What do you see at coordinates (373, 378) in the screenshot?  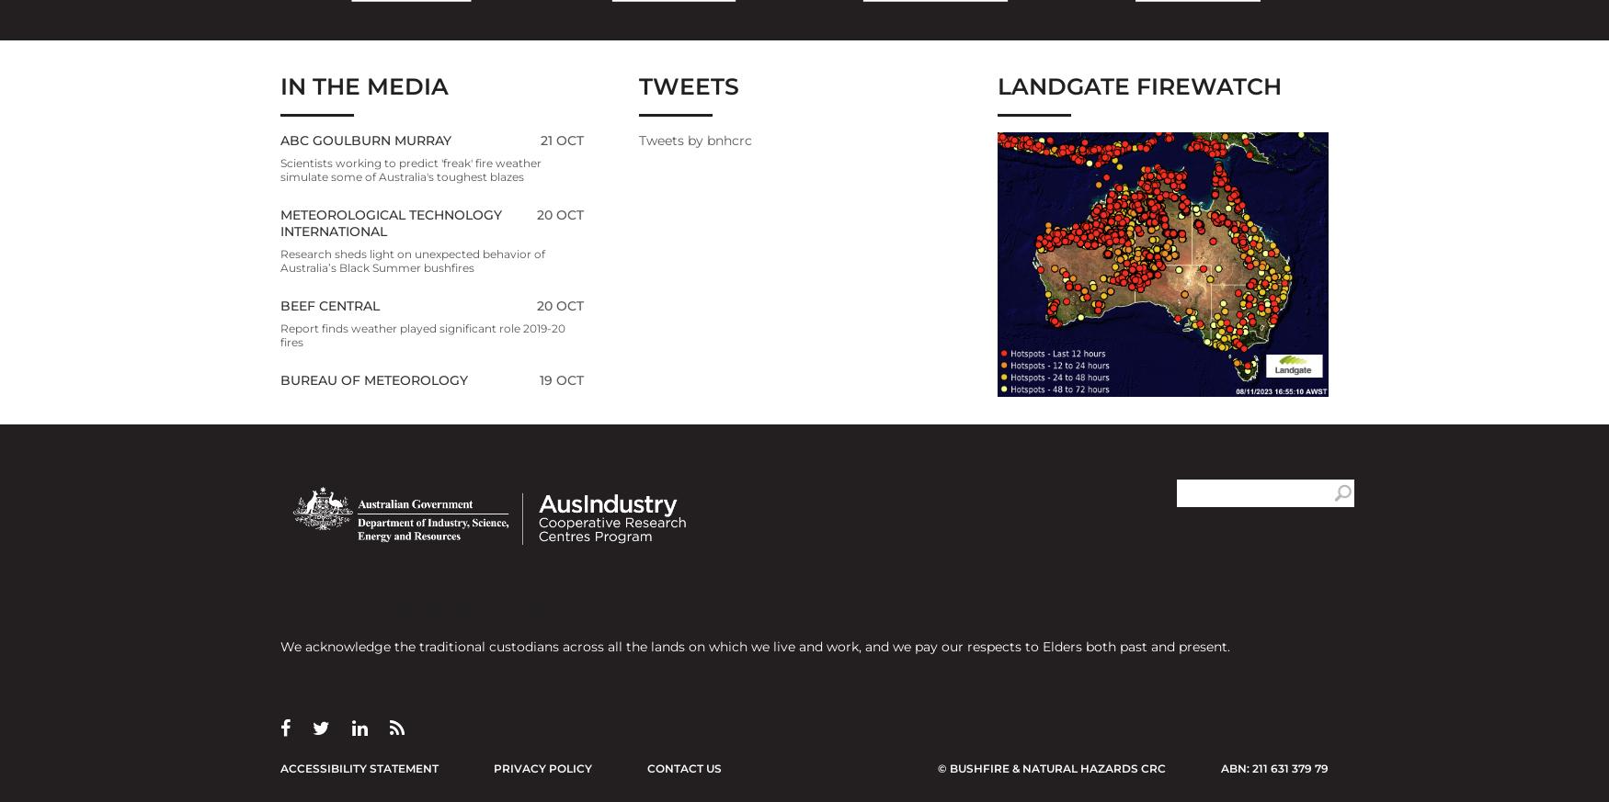 I see `'Bureau of Meteorology'` at bounding box center [373, 378].